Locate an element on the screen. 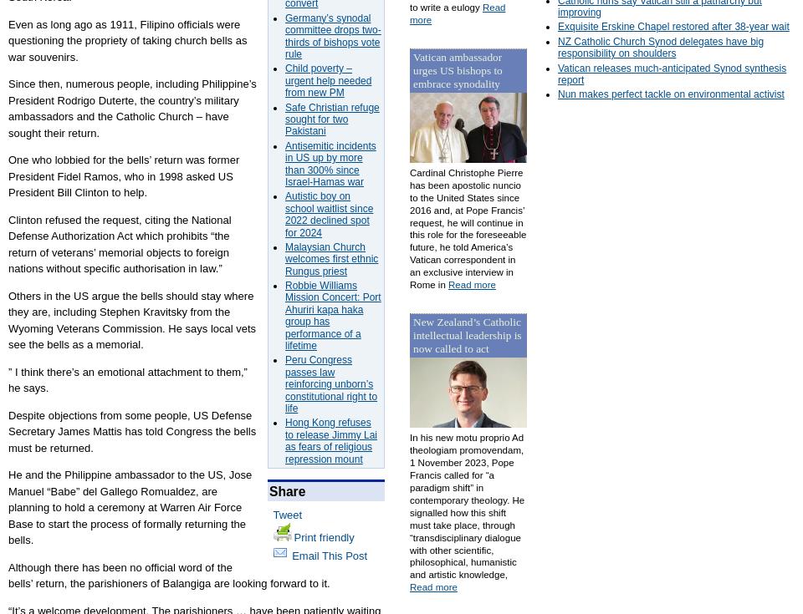 The height and width of the screenshot is (614, 803). 'Malaysian Church welcomes first ethnic Rungus priest' is located at coordinates (330, 258).